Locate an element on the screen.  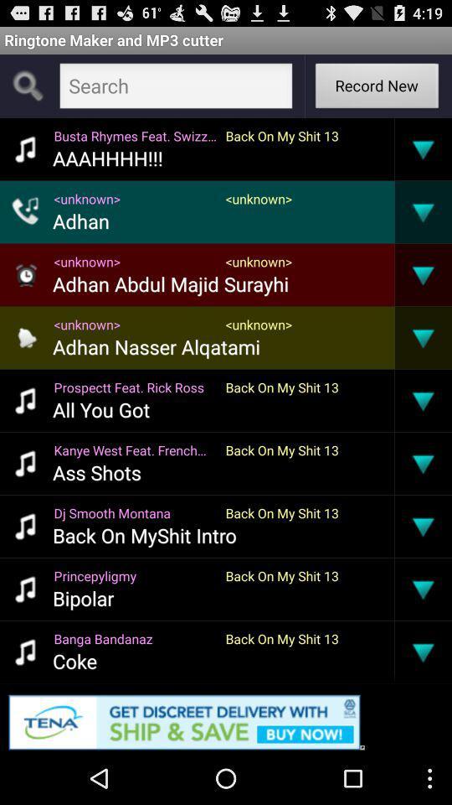
item next to back on my item is located at coordinates (394, 651).